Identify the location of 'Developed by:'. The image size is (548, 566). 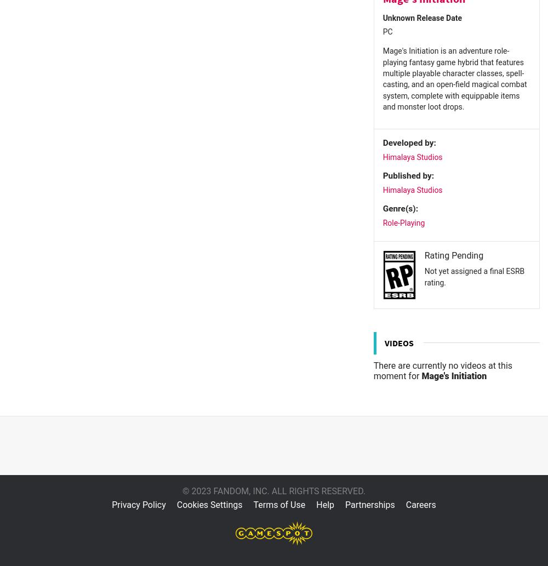
(382, 142).